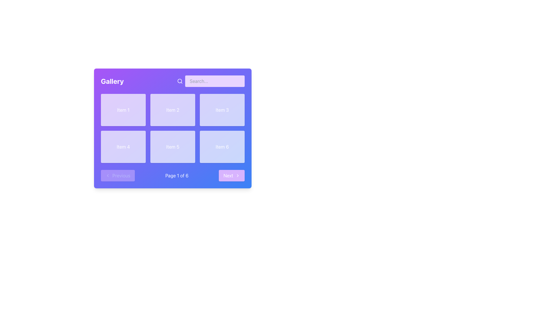 Image resolution: width=552 pixels, height=311 pixels. What do you see at coordinates (172, 175) in the screenshot?
I see `the page indicator text label located centrally in the footer section, displaying the current page number and total pages` at bounding box center [172, 175].